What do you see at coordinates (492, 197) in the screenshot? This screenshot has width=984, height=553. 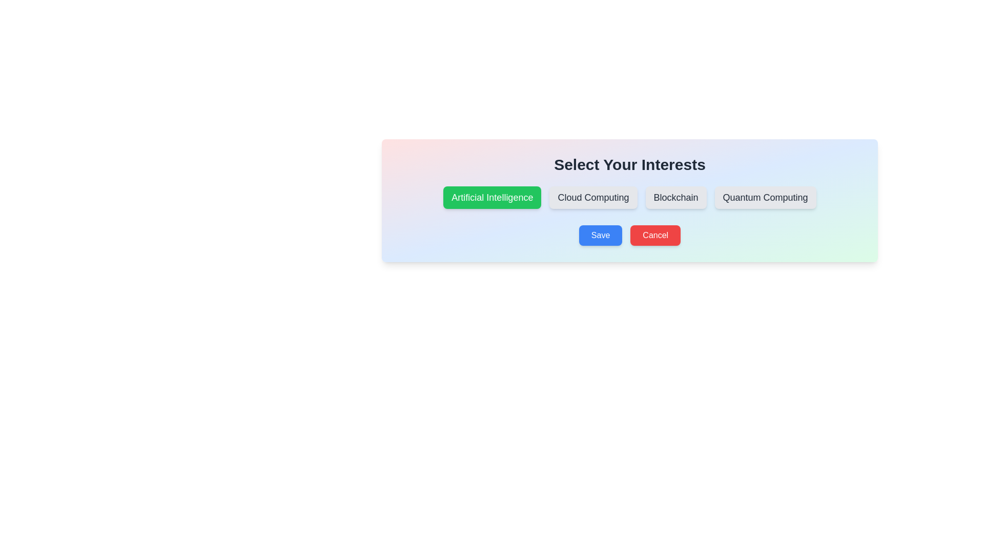 I see `the button corresponding to the topic Artificial Intelligence to select or deselect it` at bounding box center [492, 197].